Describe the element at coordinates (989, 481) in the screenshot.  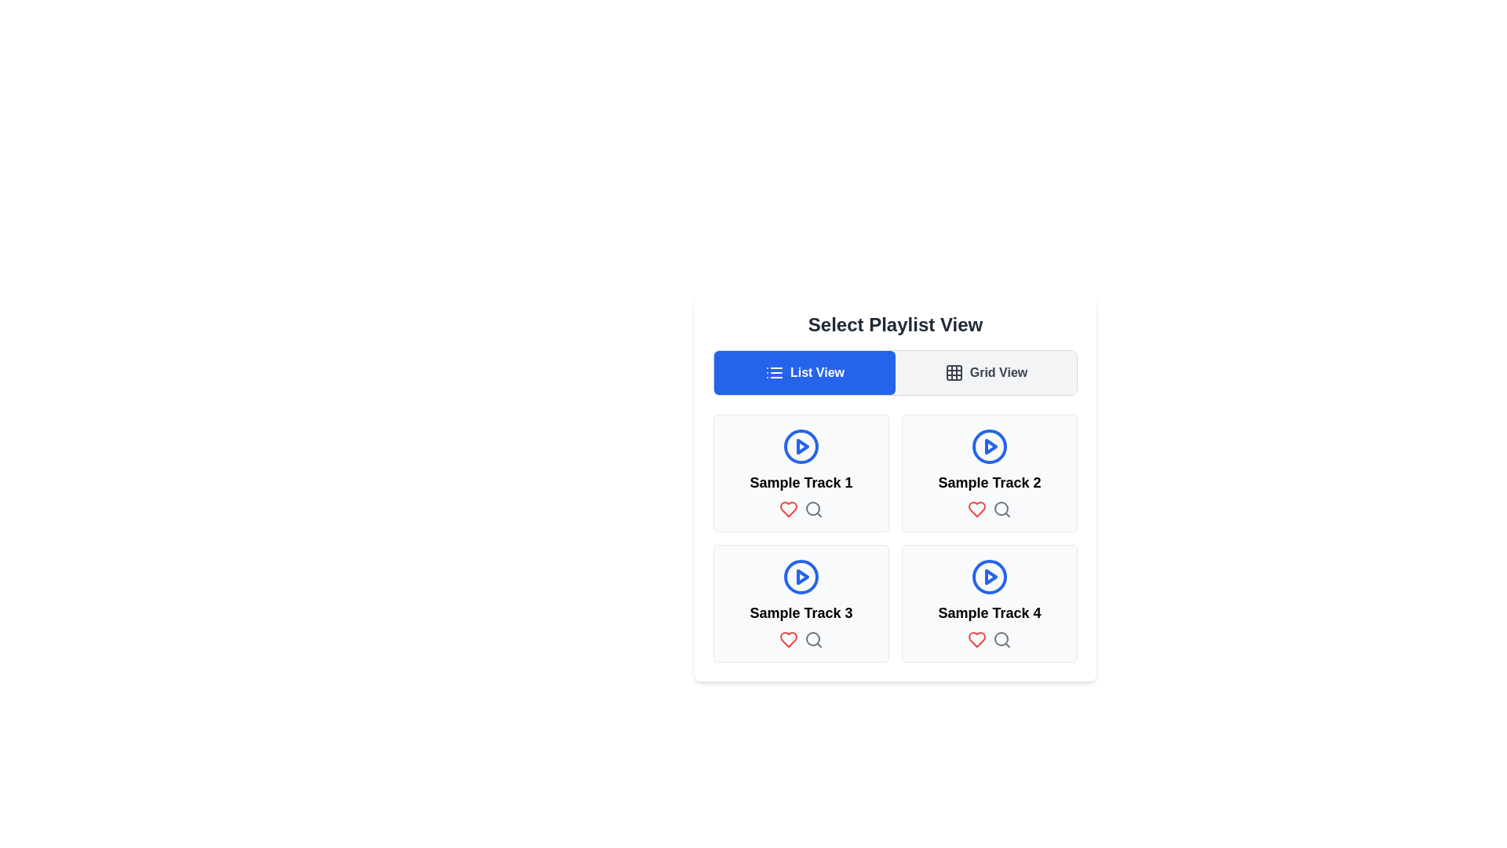
I see `text of the bold label stating 'Sample Track 2', which is located in the second cell of the first row of a 2x2 grid layout, beneath the play button icon` at that location.